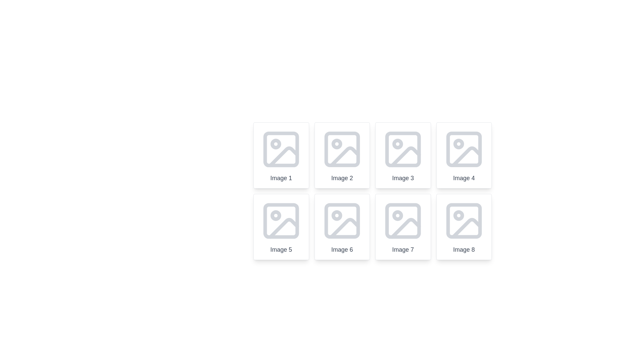 This screenshot has height=361, width=641. What do you see at coordinates (398, 144) in the screenshot?
I see `the small circular shape (dot) embedded within the 'Image 3' icon, which is located in the second row, third column of the grid layout` at bounding box center [398, 144].